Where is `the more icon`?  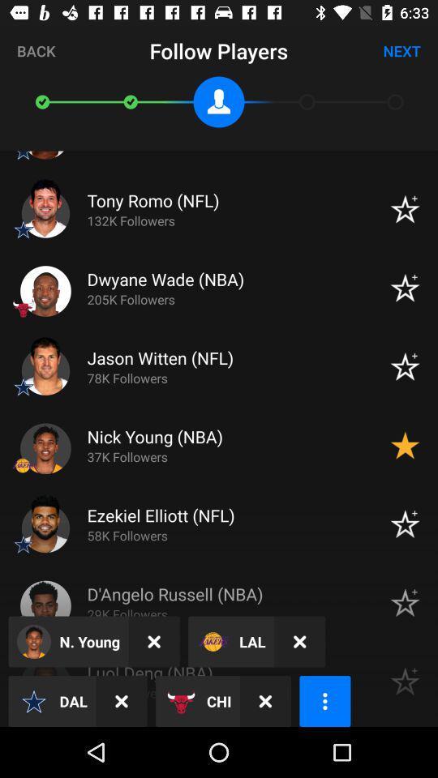
the more icon is located at coordinates (324, 700).